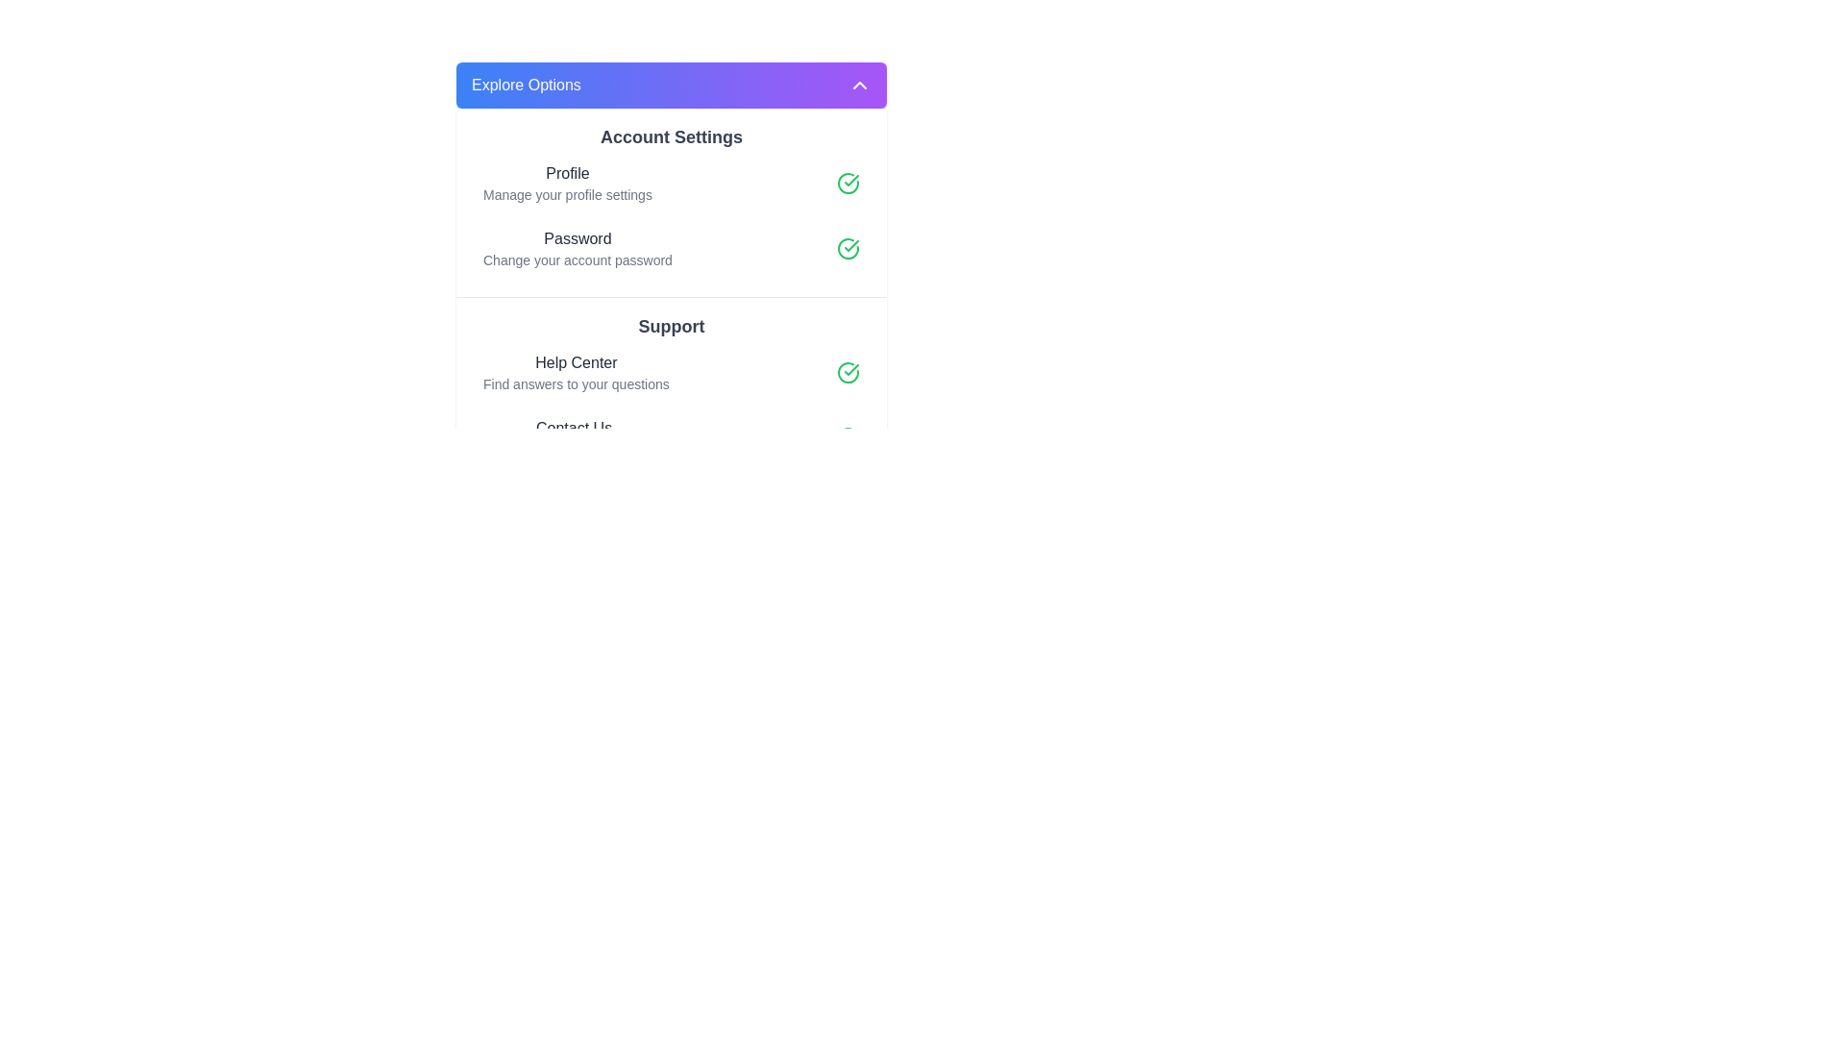  I want to click on the static text element displaying 'Profile' and 'Manage your profile settings', so click(566, 184).